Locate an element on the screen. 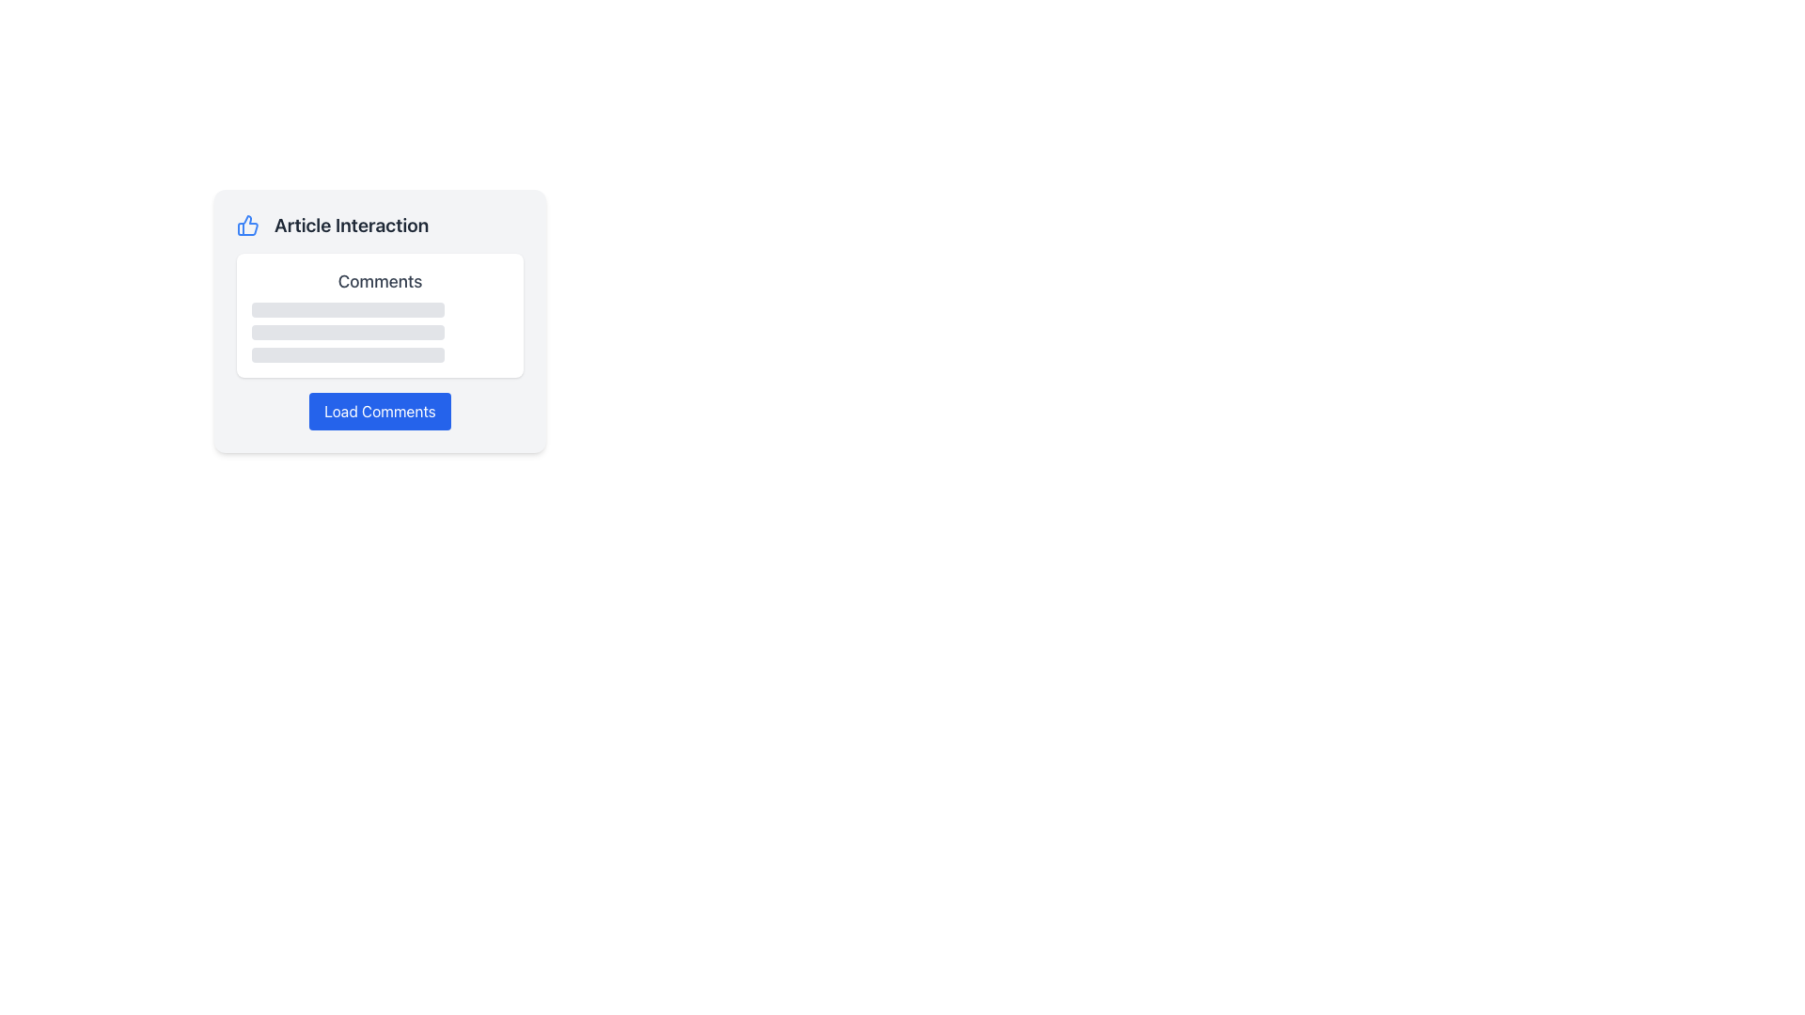  the blue thumbs-up icon representing approval or like, which is the main body of the thumbs-up shape is located at coordinates (246, 224).